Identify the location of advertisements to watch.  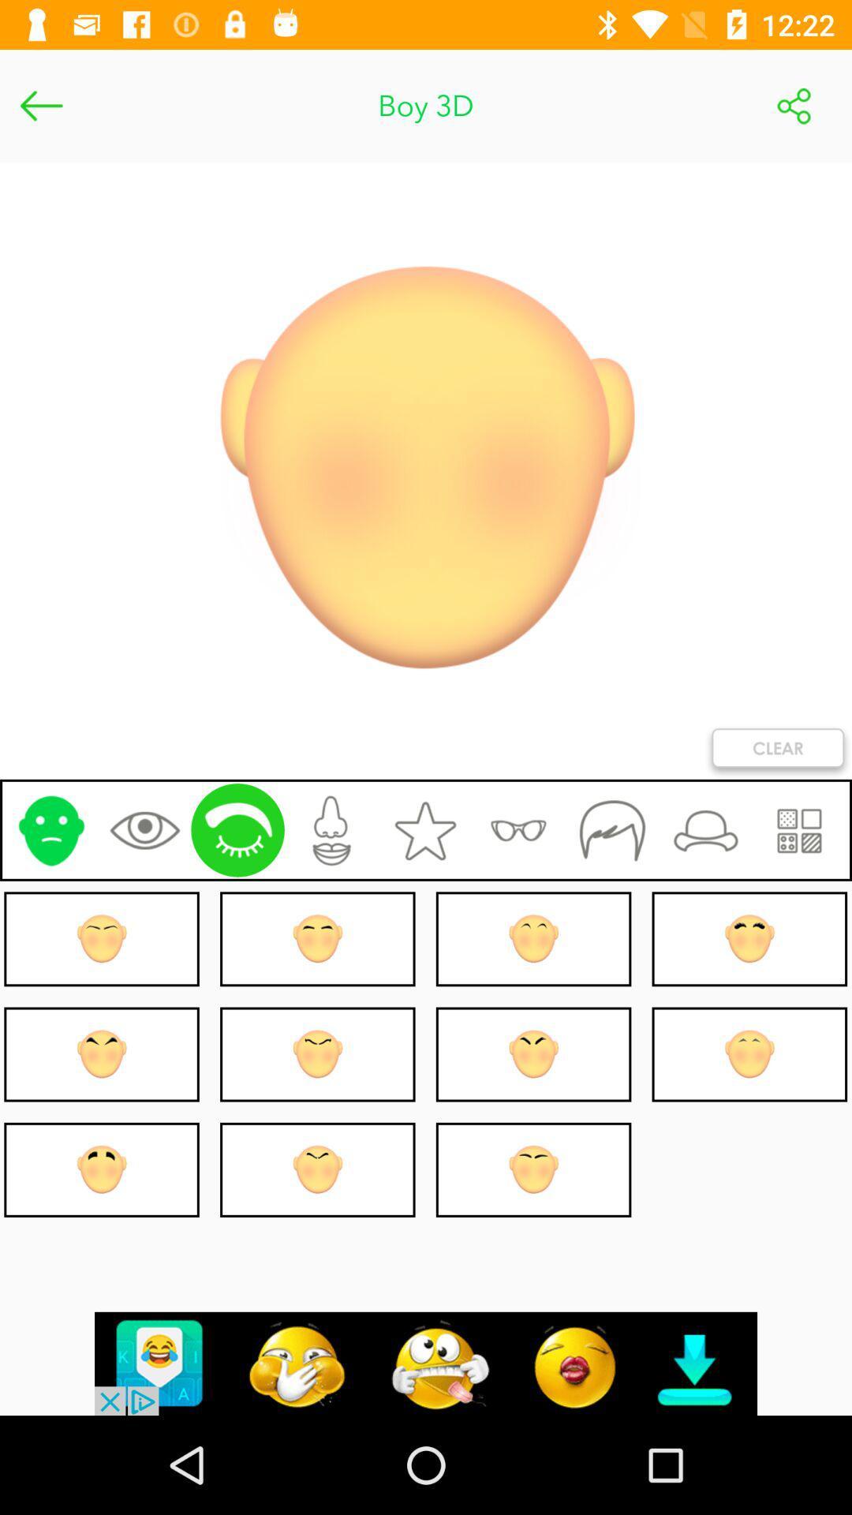
(426, 1363).